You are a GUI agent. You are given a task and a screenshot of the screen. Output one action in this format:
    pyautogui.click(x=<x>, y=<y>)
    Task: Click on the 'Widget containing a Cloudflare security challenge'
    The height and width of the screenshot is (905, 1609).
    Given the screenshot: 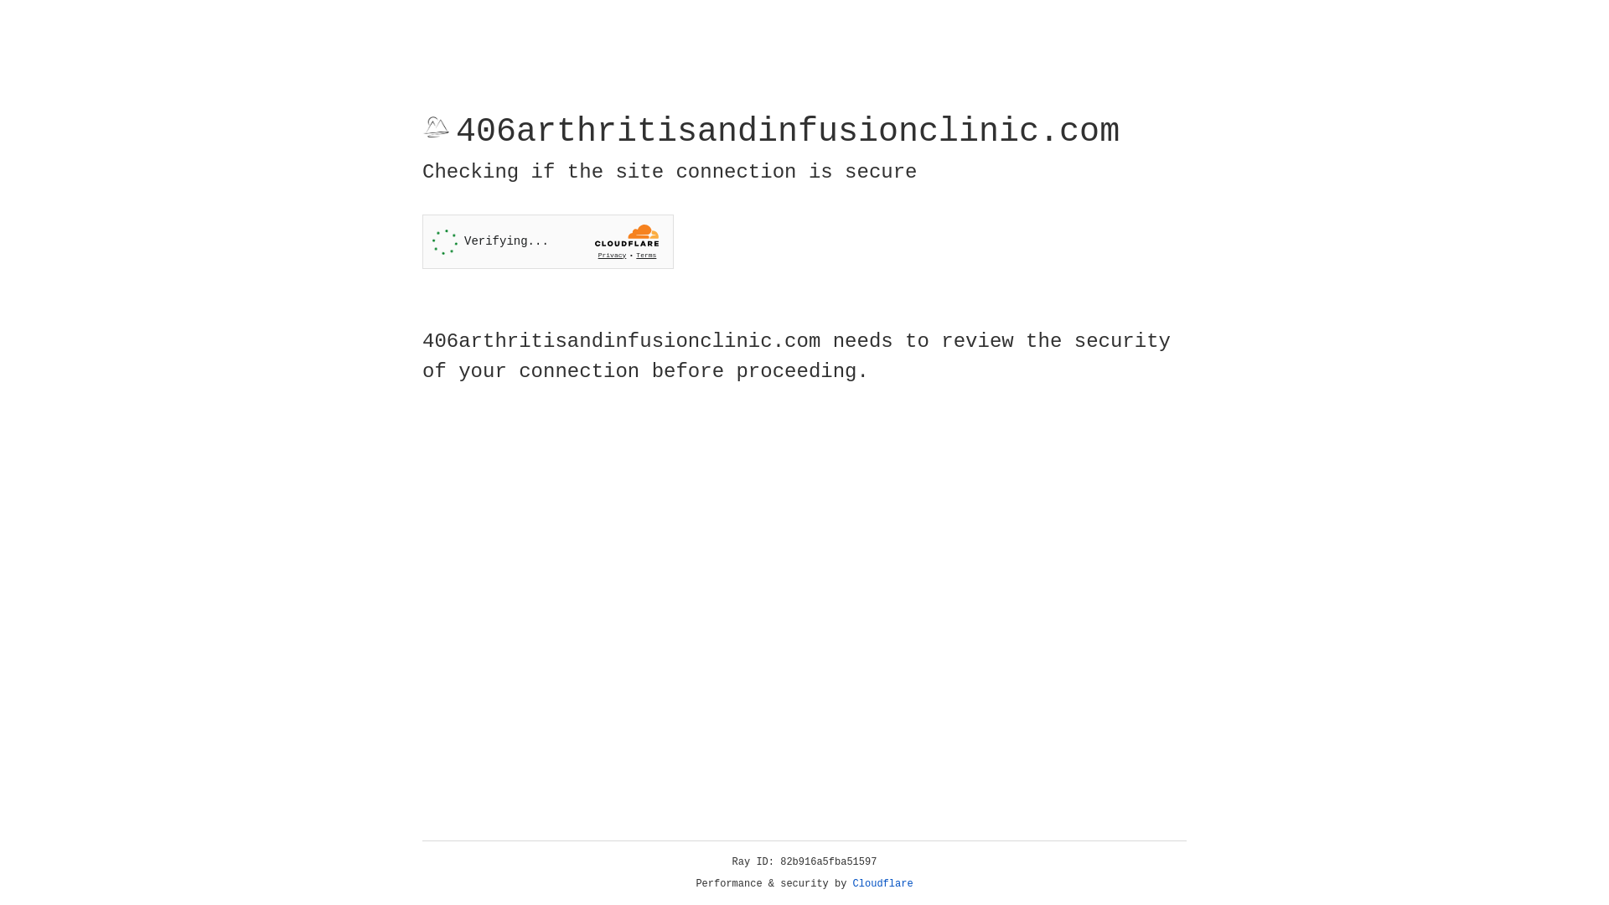 What is the action you would take?
    pyautogui.click(x=547, y=241)
    